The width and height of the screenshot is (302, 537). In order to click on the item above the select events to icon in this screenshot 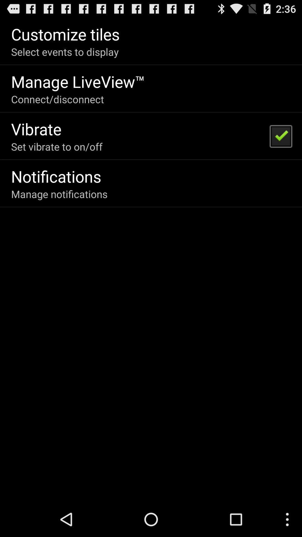, I will do `click(65, 34)`.